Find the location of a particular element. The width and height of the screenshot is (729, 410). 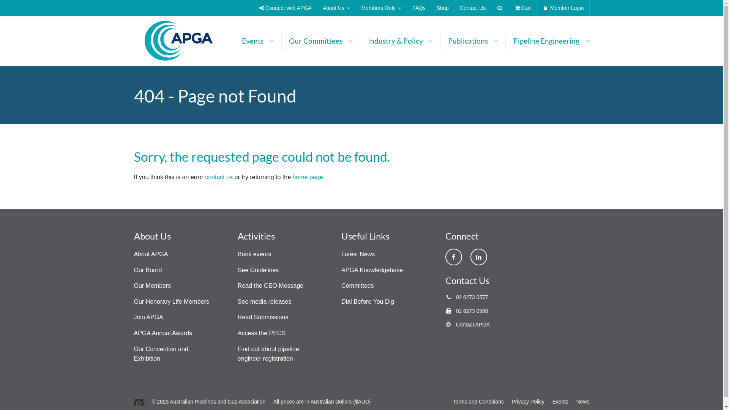

'home page' is located at coordinates (308, 177).